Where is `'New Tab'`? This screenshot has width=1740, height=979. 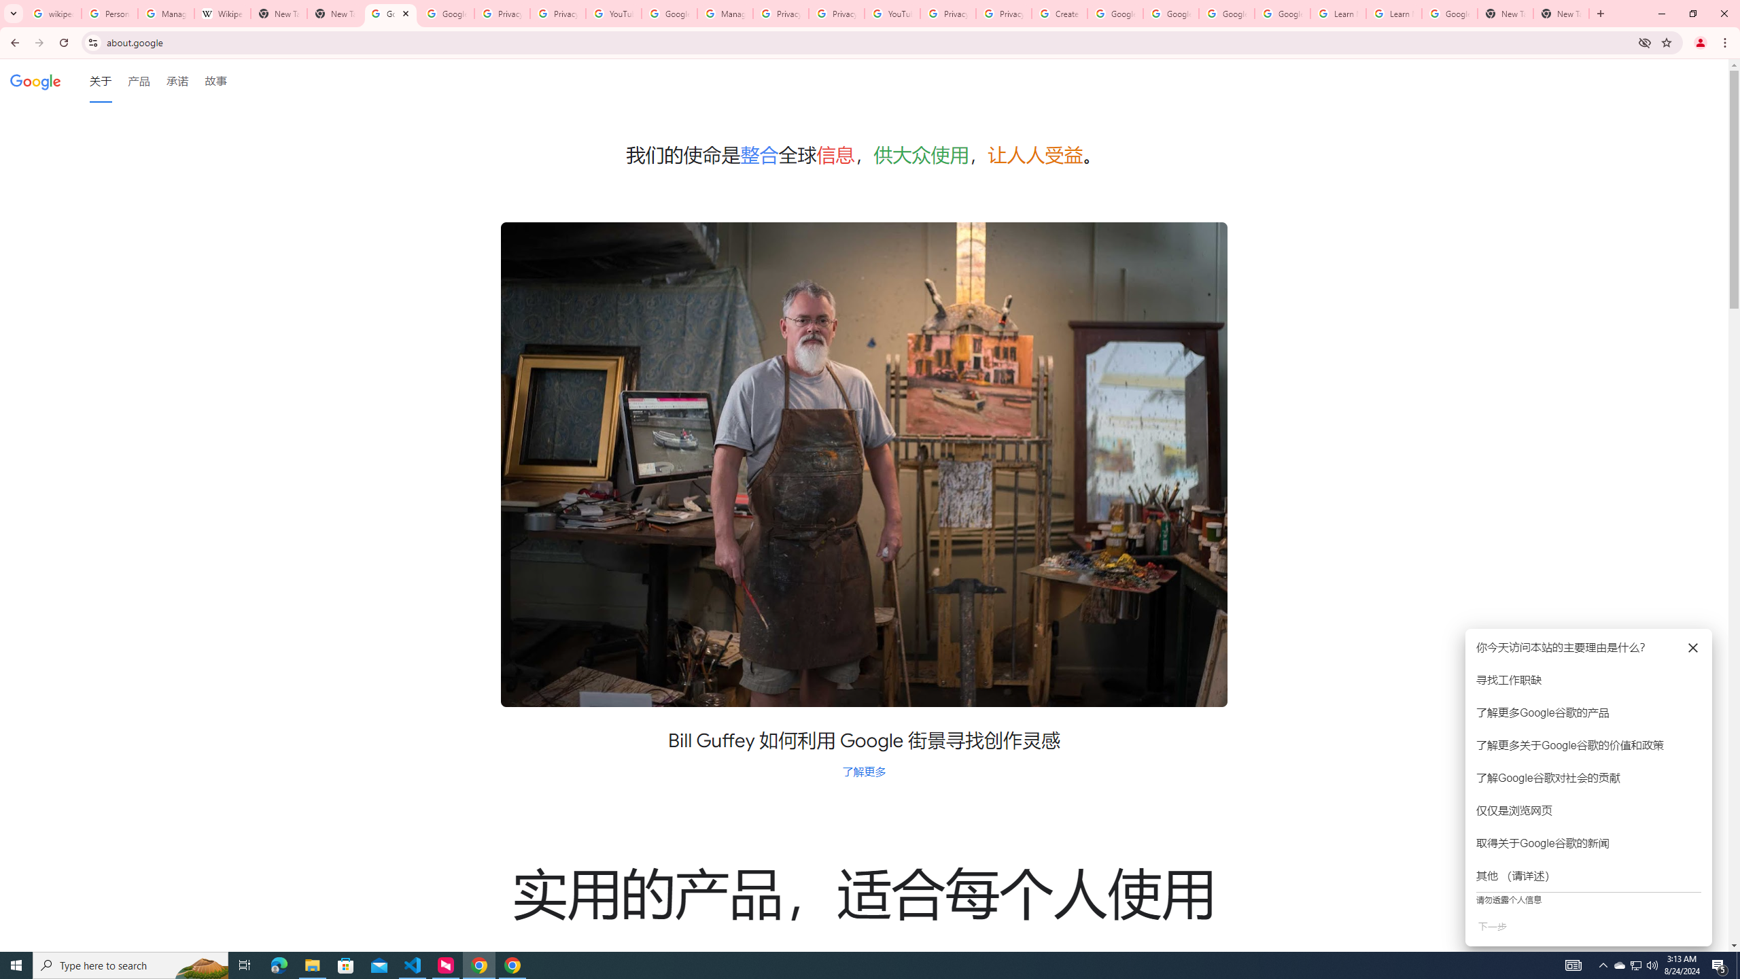
'New Tab' is located at coordinates (1561, 13).